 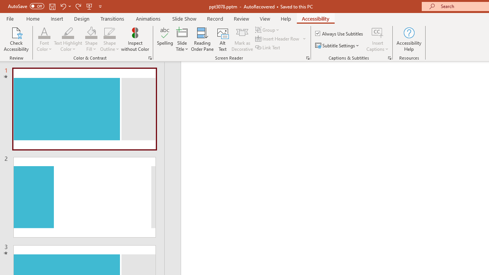 What do you see at coordinates (202, 39) in the screenshot?
I see `'Reading Order Pane'` at bounding box center [202, 39].